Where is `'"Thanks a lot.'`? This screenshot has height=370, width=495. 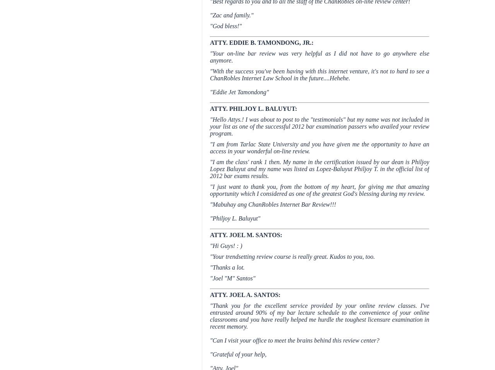
'"Thanks a lot.' is located at coordinates (227, 267).